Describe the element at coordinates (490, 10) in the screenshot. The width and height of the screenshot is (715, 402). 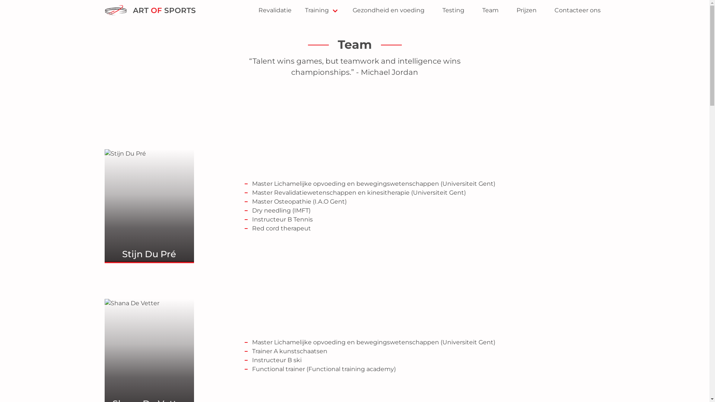
I see `'Team'` at that location.